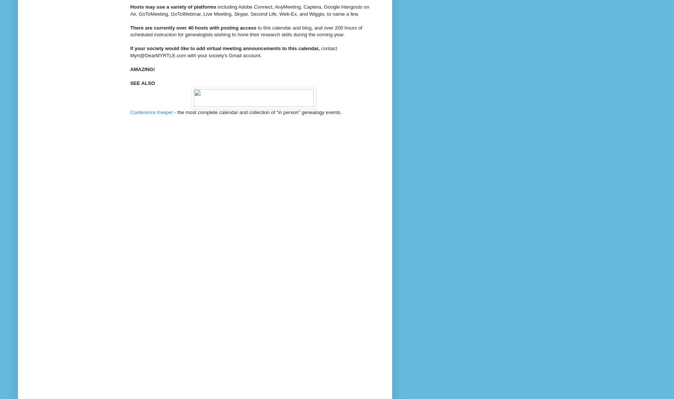 The width and height of the screenshot is (674, 399). I want to click on '- the most complete calendar and collection of "in person" genealogy events.', so click(257, 112).